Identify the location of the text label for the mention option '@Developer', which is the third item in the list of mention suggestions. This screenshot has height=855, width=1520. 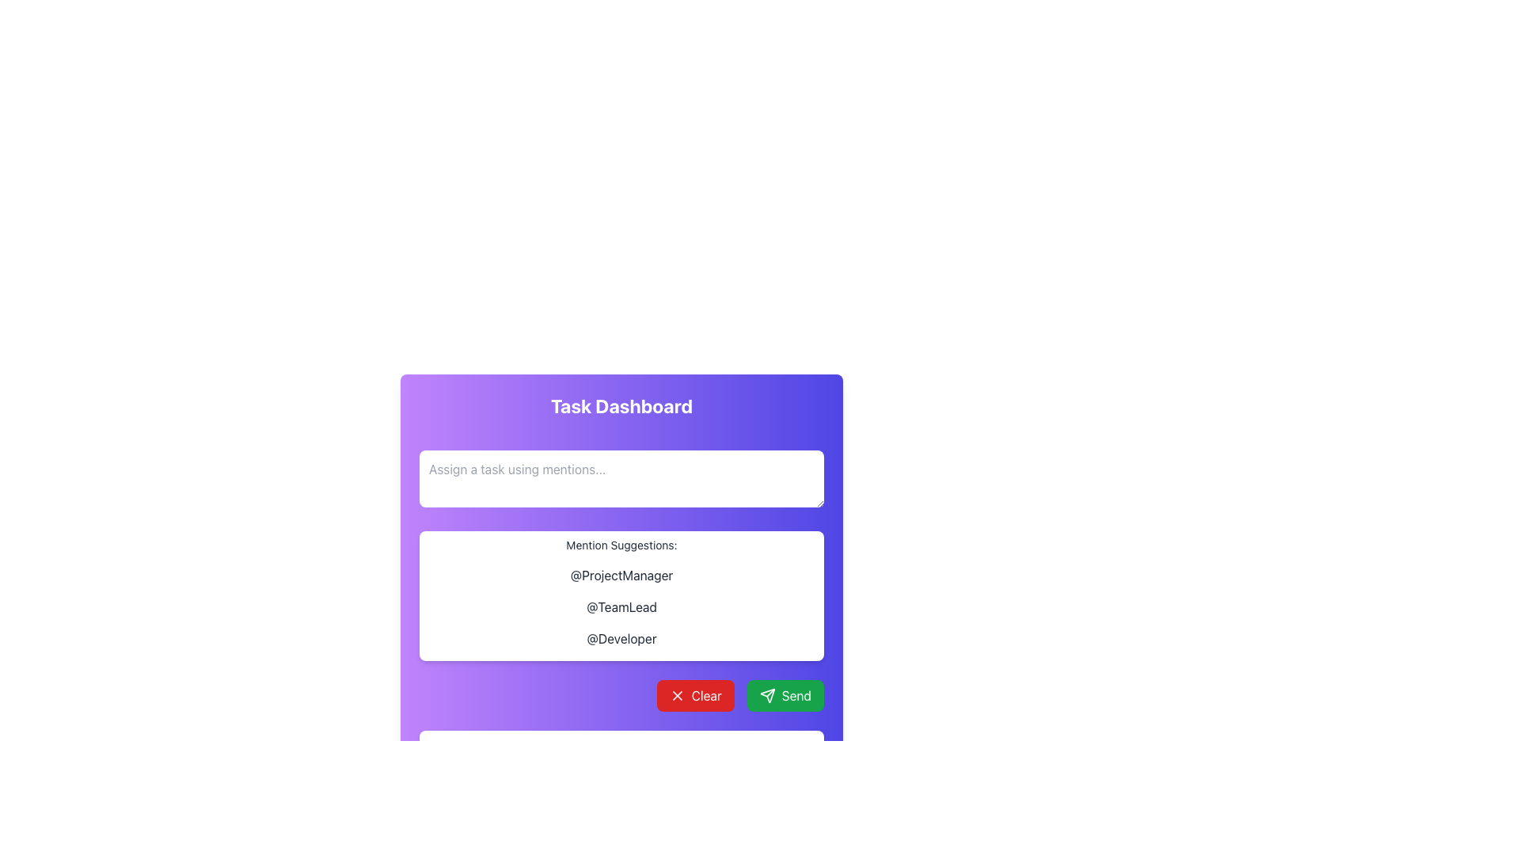
(621, 637).